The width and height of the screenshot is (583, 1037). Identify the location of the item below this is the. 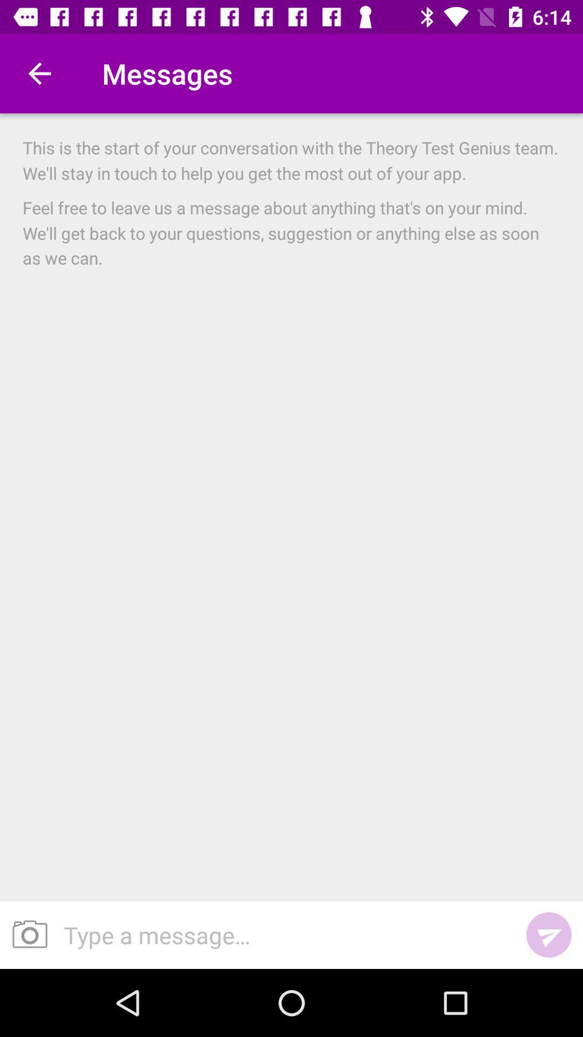
(291, 232).